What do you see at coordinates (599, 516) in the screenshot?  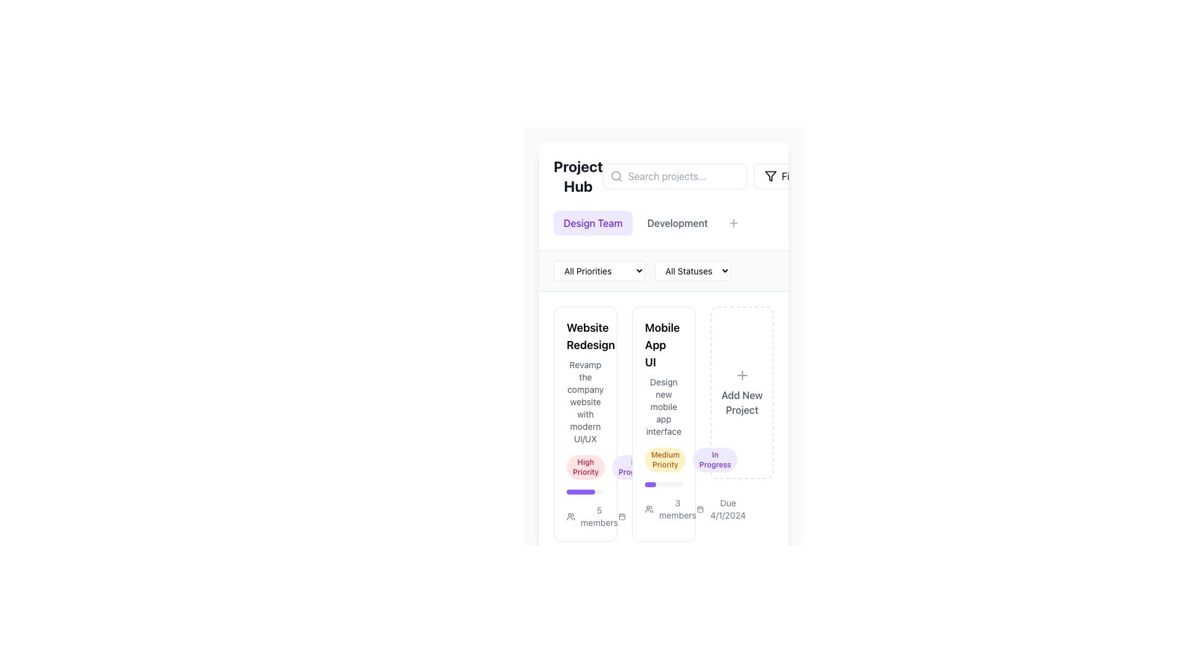 I see `the text label displaying '5 members' located in the bottom section of the 'Website Redesign' card interface, adjacent to the group icon` at bounding box center [599, 516].